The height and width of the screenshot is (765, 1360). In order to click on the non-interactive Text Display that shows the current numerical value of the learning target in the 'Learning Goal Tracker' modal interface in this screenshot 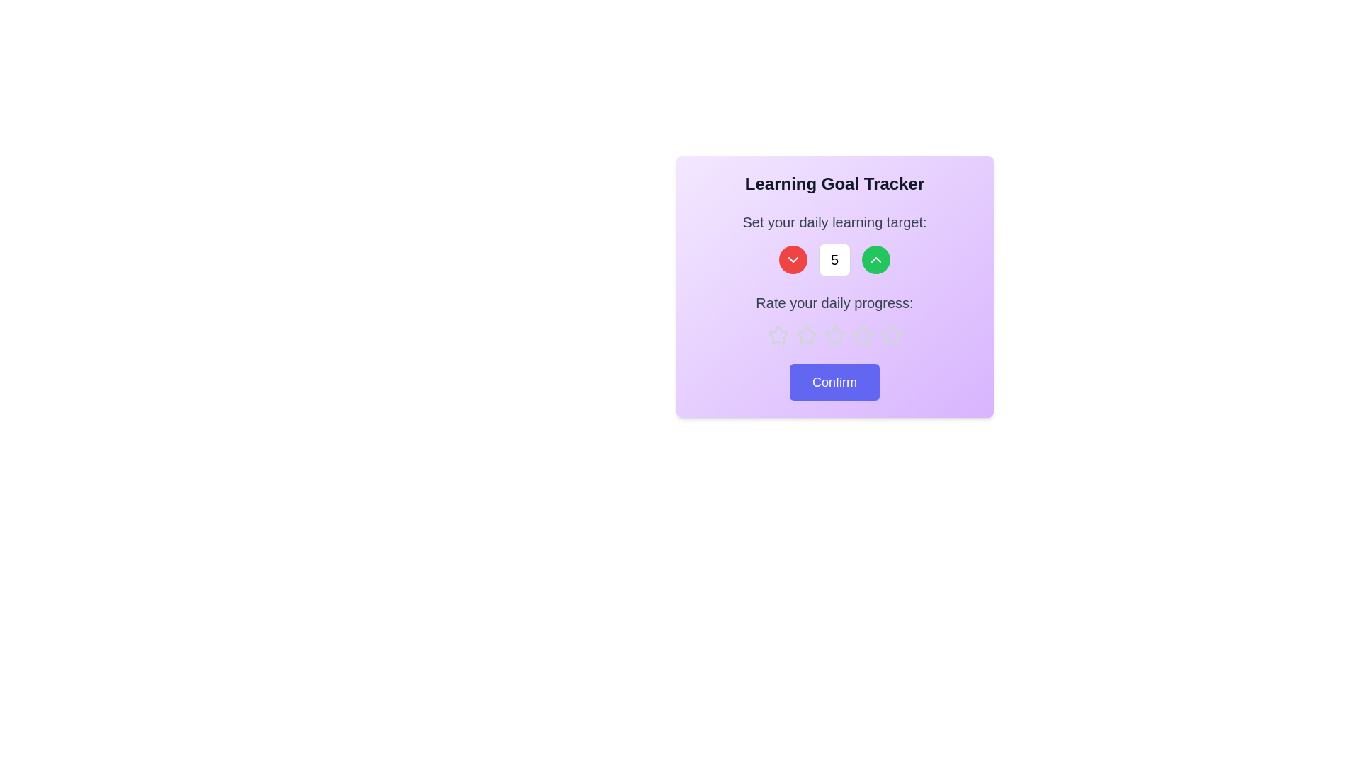, I will do `click(834, 259)`.